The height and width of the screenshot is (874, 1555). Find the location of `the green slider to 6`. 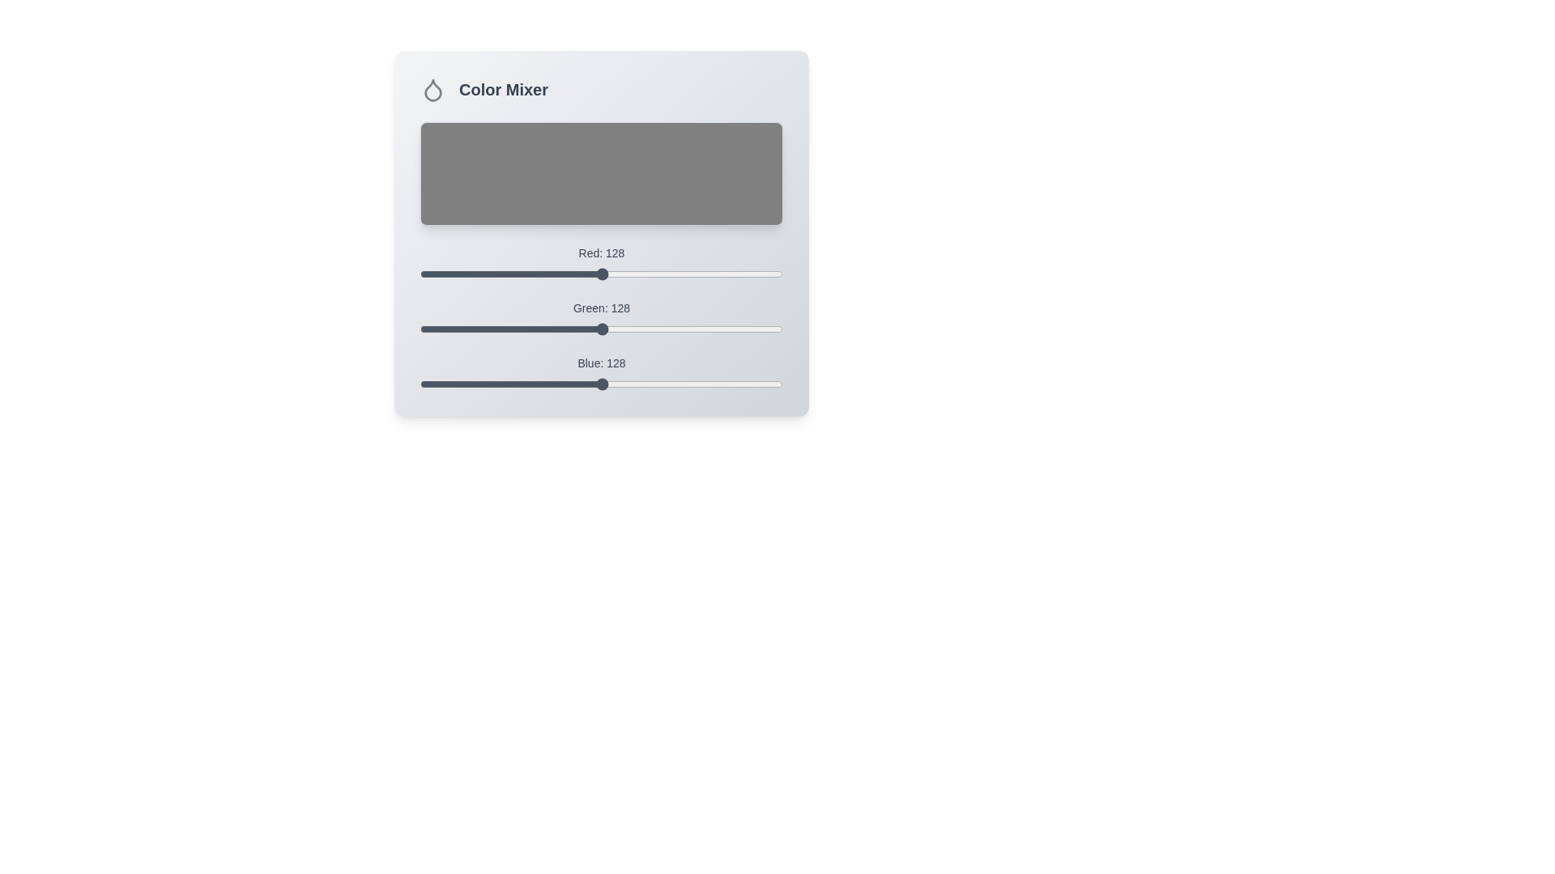

the green slider to 6 is located at coordinates (428, 329).